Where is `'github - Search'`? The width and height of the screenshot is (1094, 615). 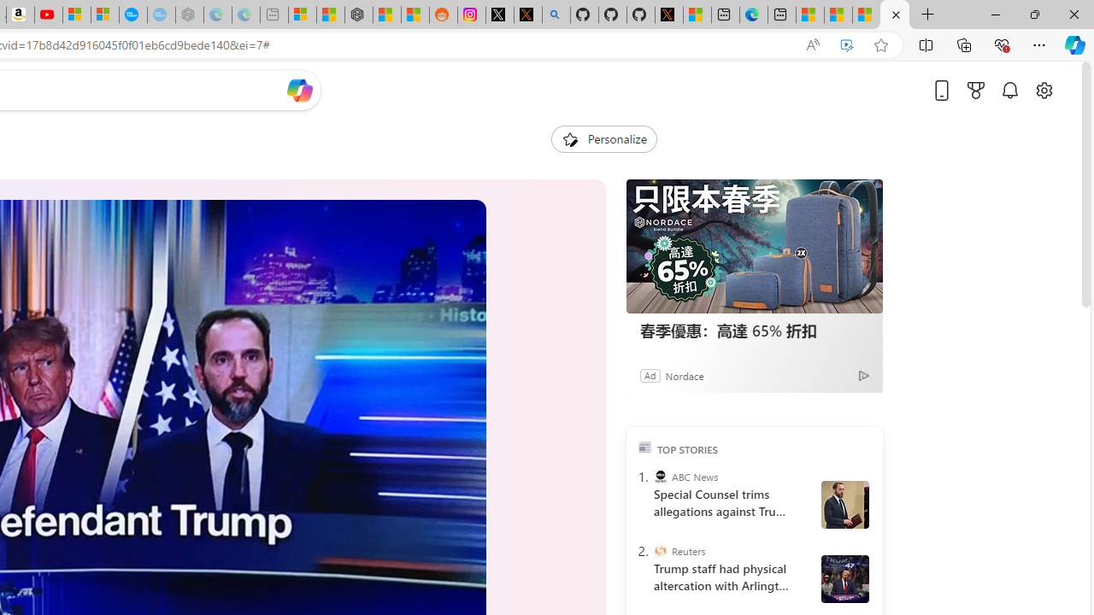 'github - Search' is located at coordinates (556, 15).